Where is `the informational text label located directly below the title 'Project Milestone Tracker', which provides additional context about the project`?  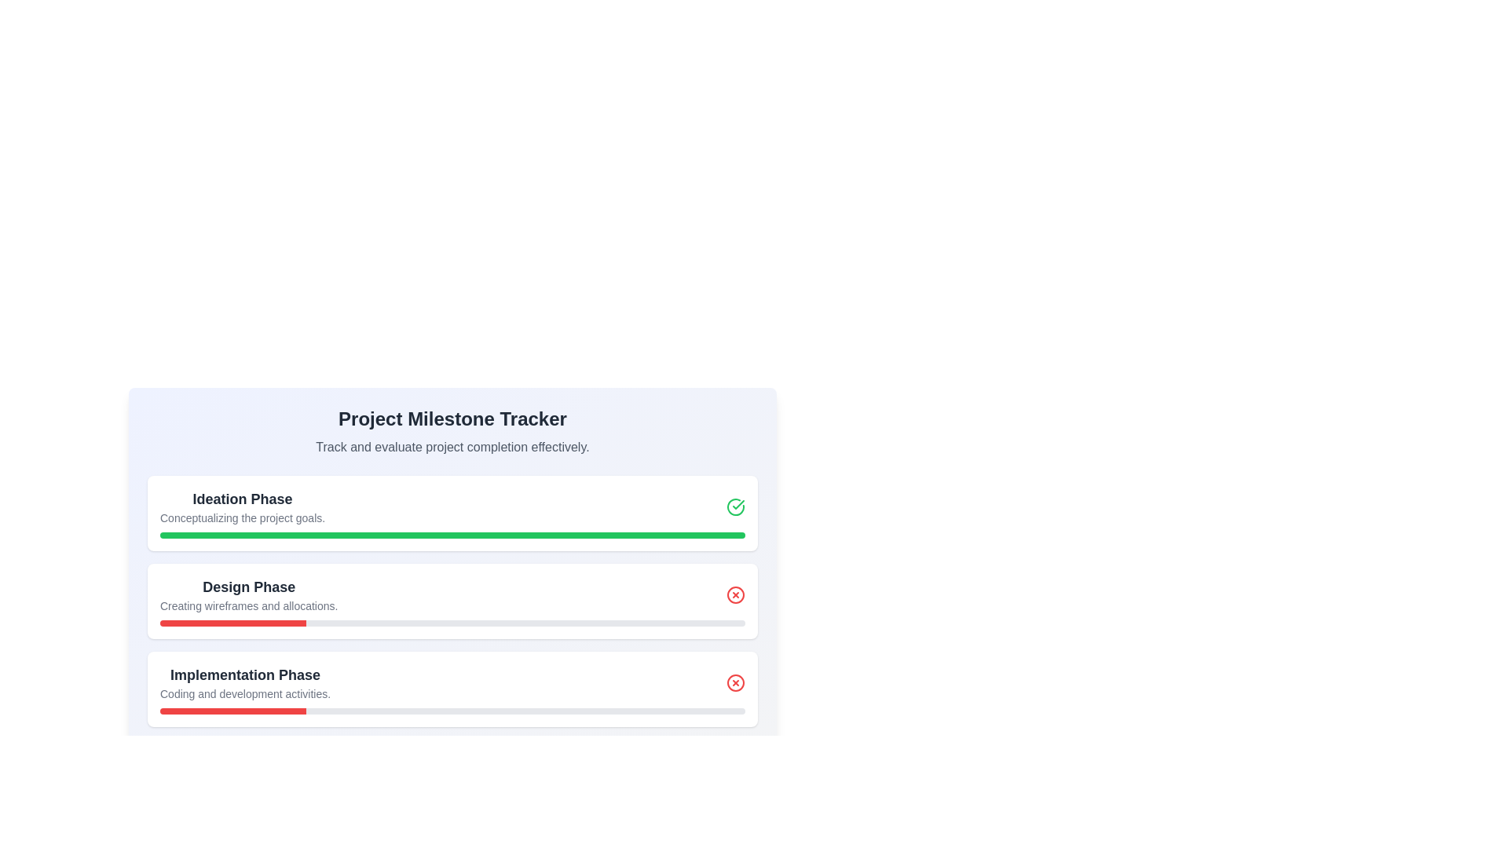
the informational text label located directly below the title 'Project Milestone Tracker', which provides additional context about the project is located at coordinates (452, 448).